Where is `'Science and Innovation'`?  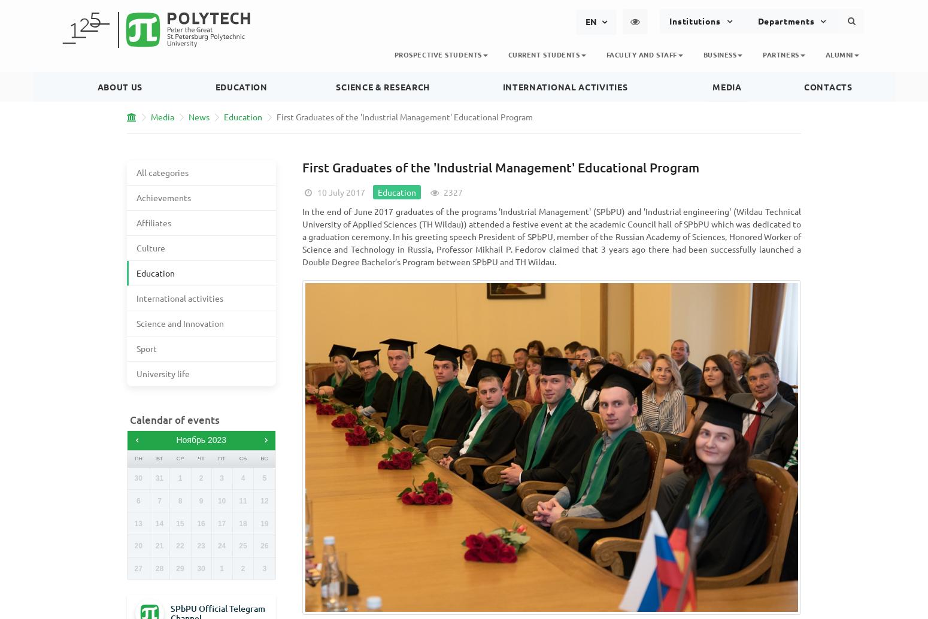 'Science and Innovation' is located at coordinates (180, 323).